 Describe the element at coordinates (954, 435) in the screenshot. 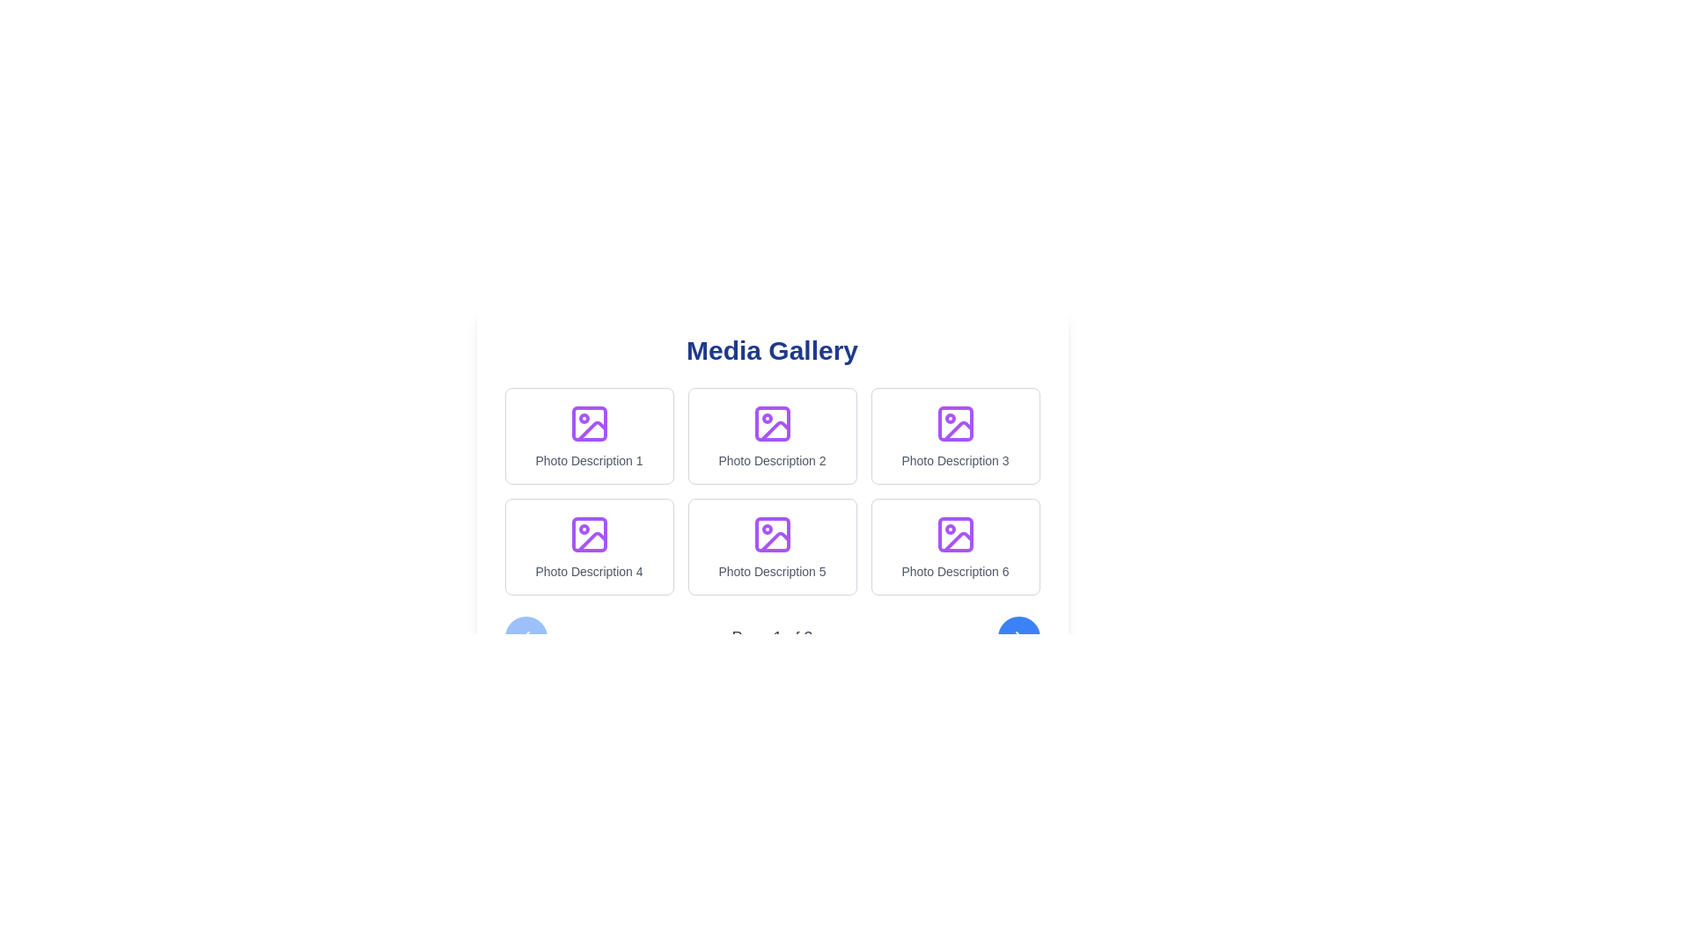

I see `the third card displaying photo information in the gallery view, located at the far-right position in the first row` at that location.